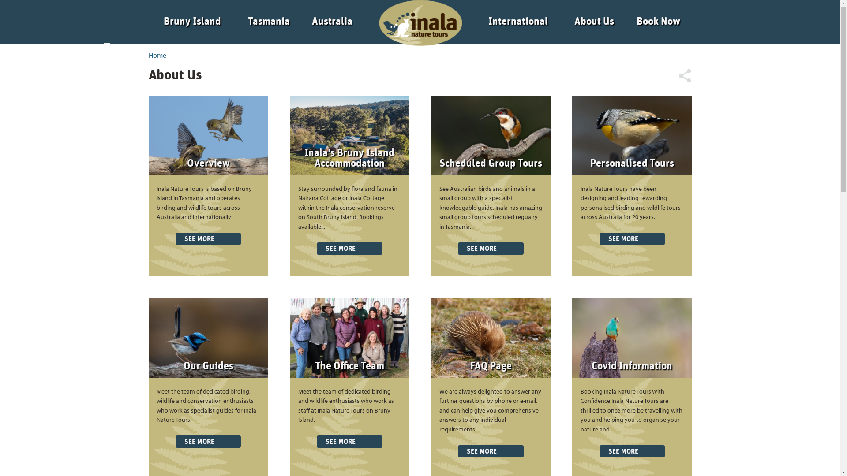 Image resolution: width=847 pixels, height=476 pixels. Describe the element at coordinates (207, 239) in the screenshot. I see `'SEE MORE'` at that location.